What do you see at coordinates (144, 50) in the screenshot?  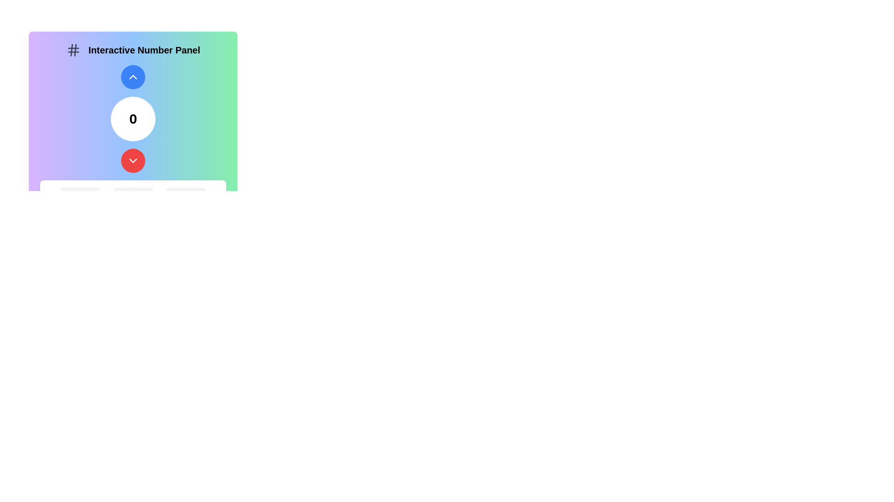 I see `the static text label that serves as the title or header for the interface, located near the top-left corner and adjacent to a hashtag icon` at bounding box center [144, 50].